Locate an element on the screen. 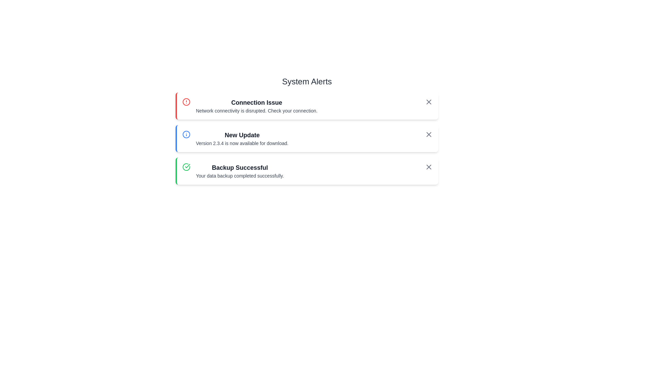  the Notification description section that displays 'Connection Issue' and 'Network connectivity is disrupted.' is located at coordinates (256, 106).